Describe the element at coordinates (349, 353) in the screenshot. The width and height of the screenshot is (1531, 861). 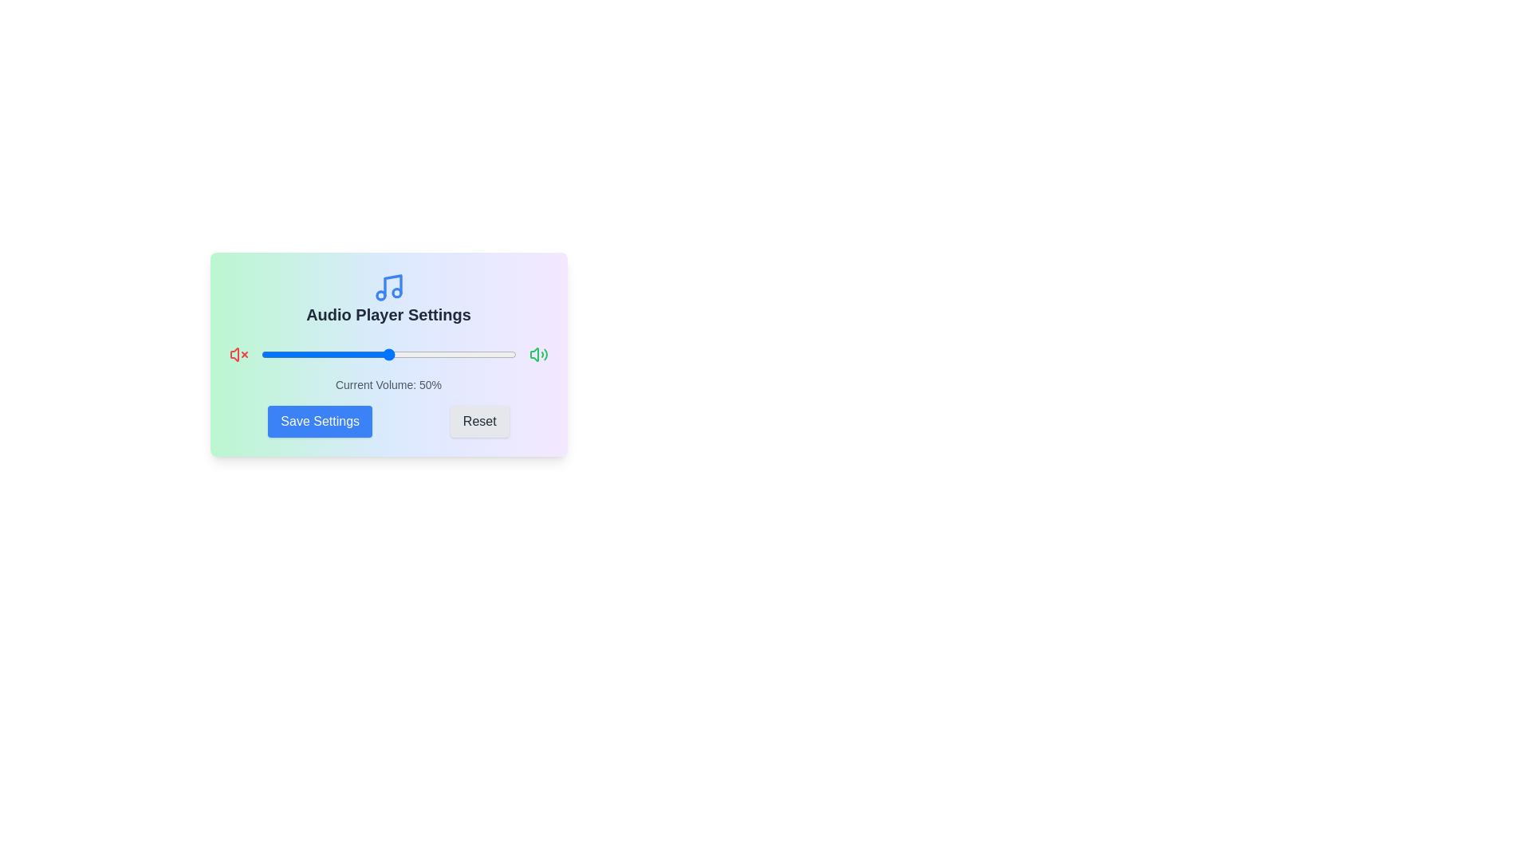
I see `the slider value` at that location.